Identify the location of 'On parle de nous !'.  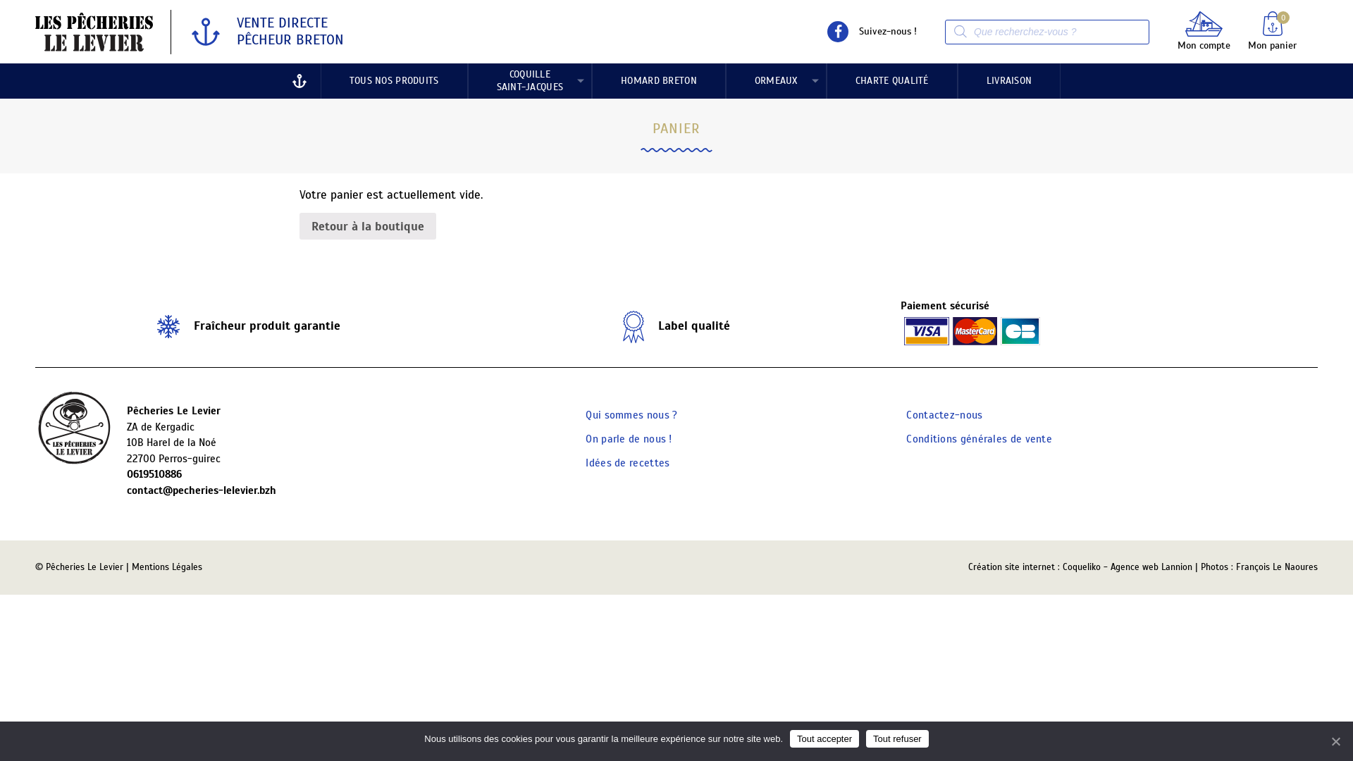
(585, 438).